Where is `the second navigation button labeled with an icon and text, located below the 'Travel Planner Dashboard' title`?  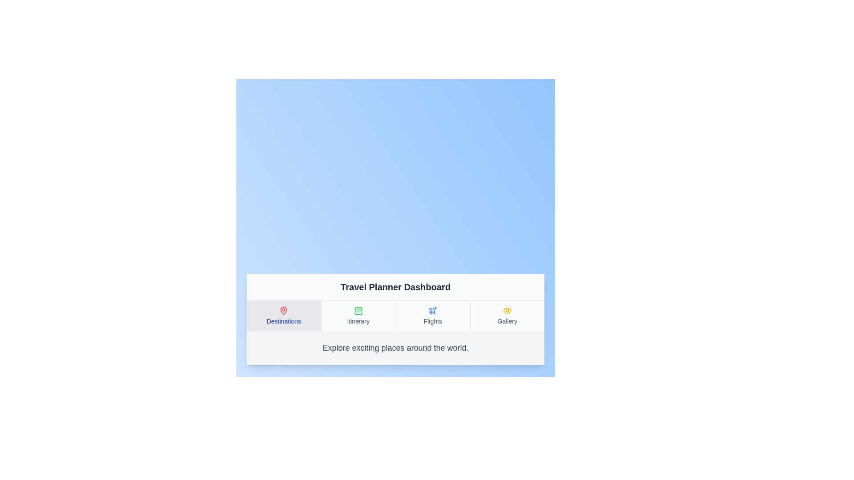 the second navigation button labeled with an icon and text, located below the 'Travel Planner Dashboard' title is located at coordinates (358, 315).